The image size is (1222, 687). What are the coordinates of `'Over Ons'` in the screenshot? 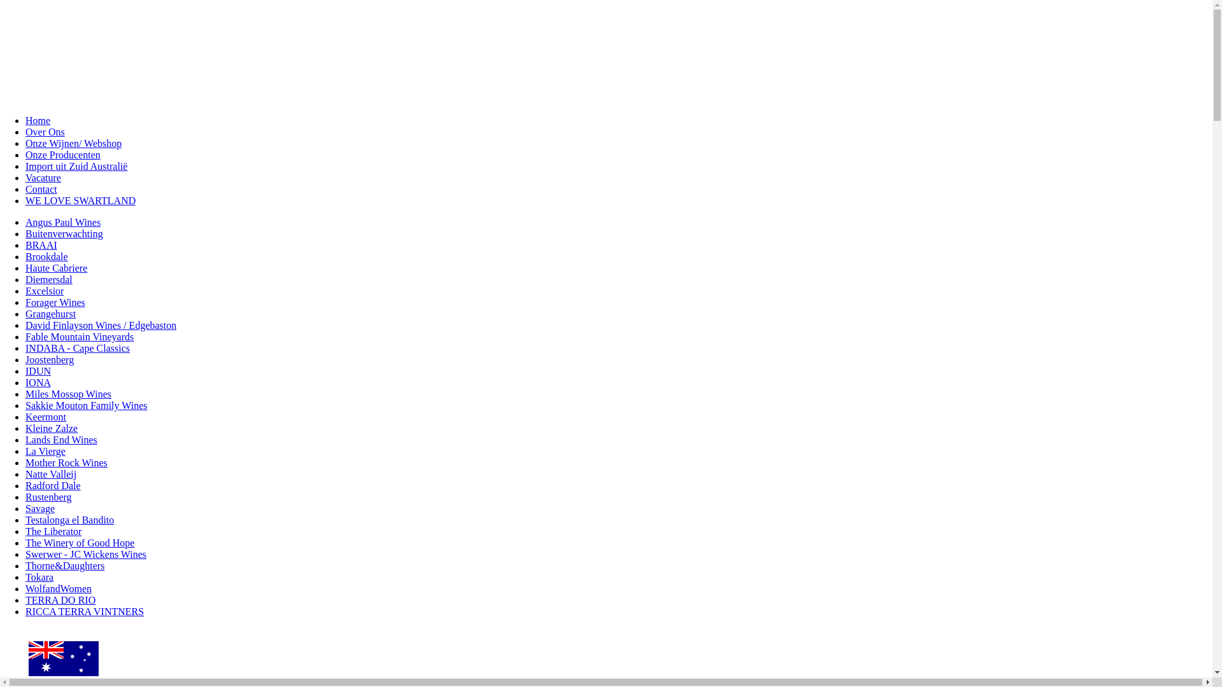 It's located at (45, 132).